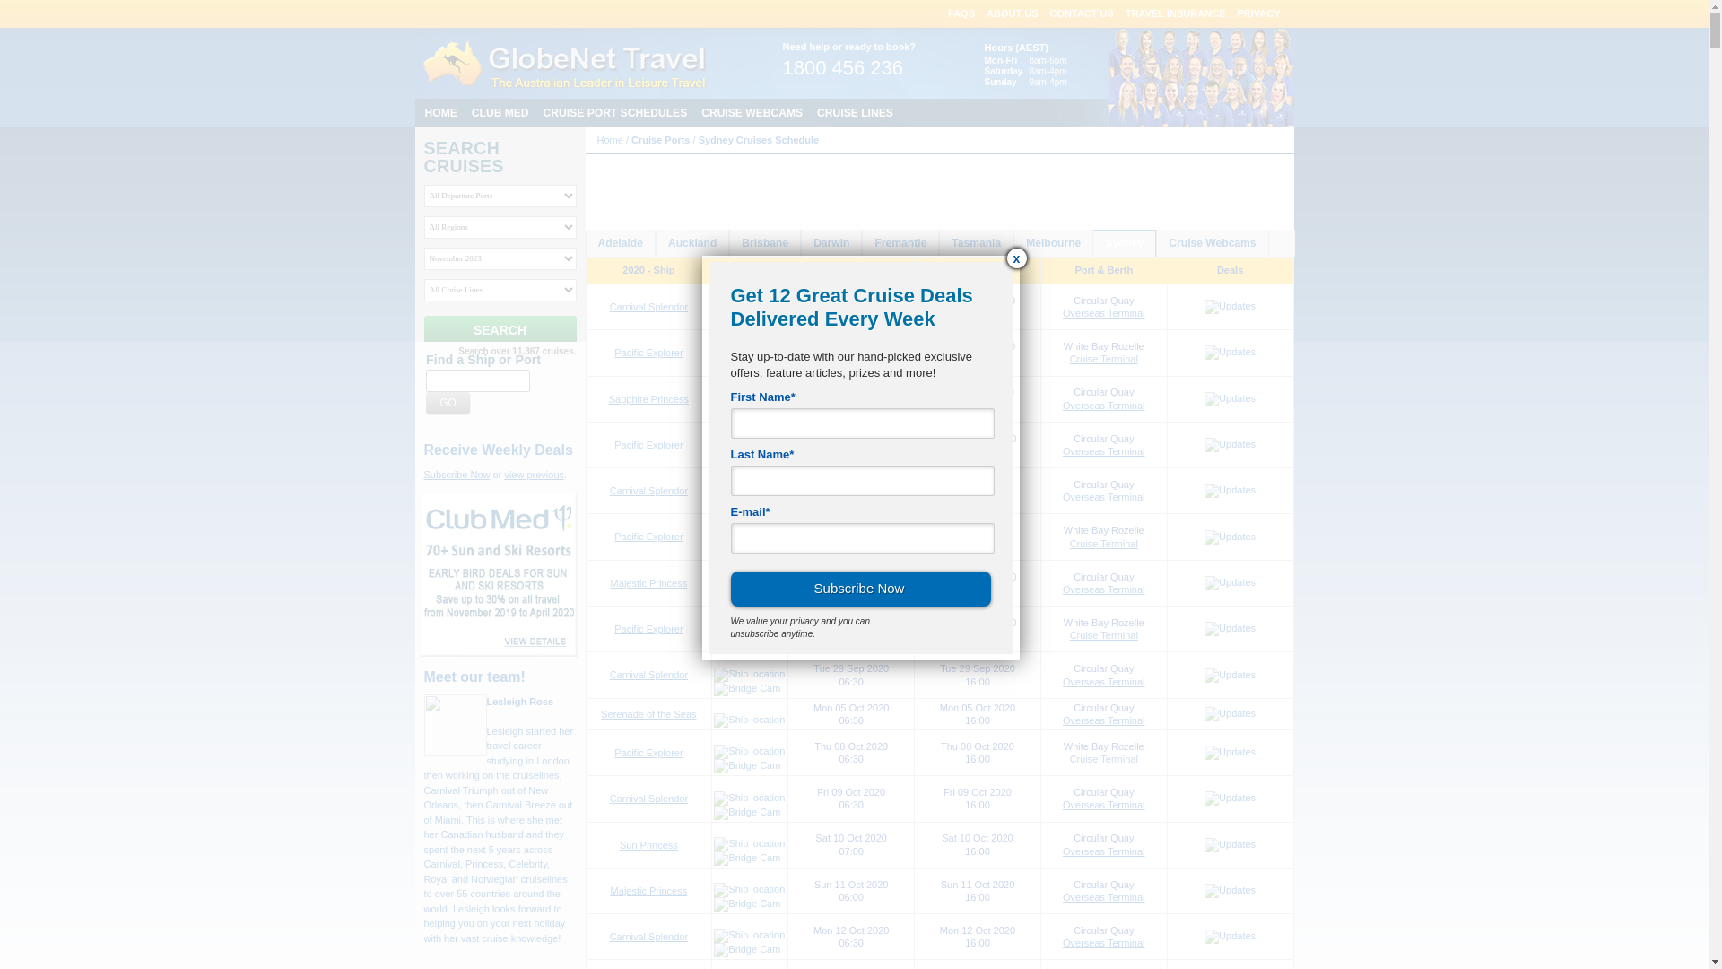 This screenshot has width=1722, height=969. I want to click on 'Bridge Cam', so click(713, 949).